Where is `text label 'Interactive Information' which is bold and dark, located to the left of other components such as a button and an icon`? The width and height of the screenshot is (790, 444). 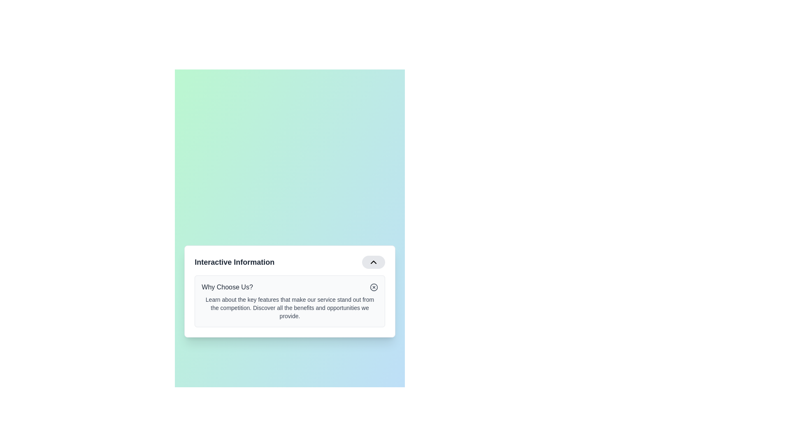 text label 'Interactive Information' which is bold and dark, located to the left of other components such as a button and an icon is located at coordinates (234, 262).